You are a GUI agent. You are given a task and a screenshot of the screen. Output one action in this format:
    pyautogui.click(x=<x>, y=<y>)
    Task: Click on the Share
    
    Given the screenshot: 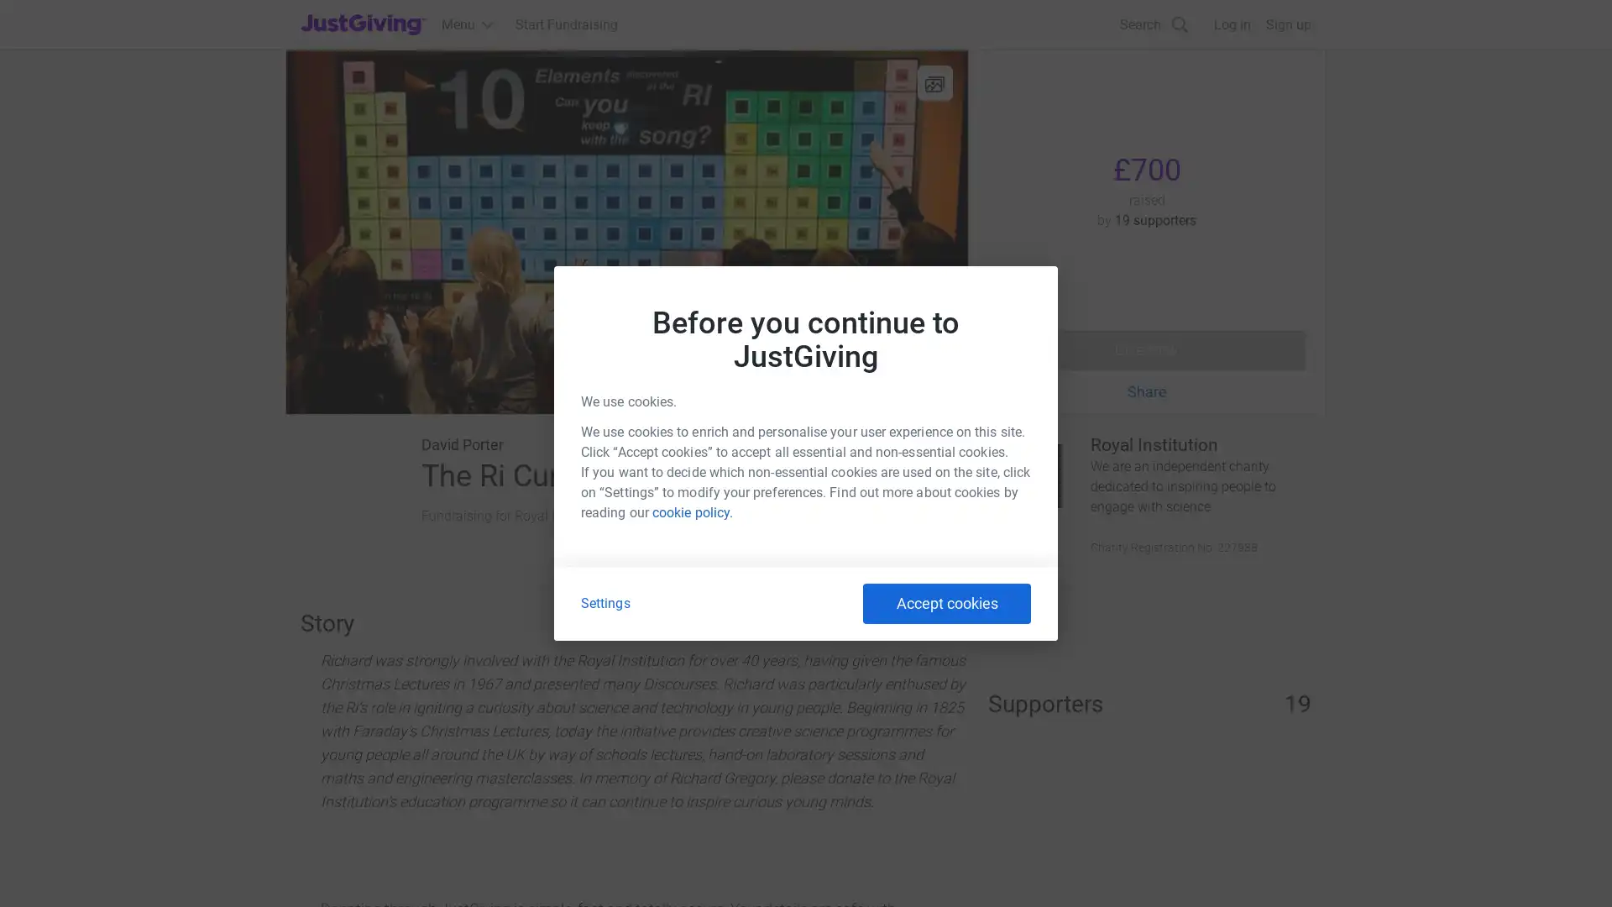 What is the action you would take?
    pyautogui.click(x=1146, y=391)
    